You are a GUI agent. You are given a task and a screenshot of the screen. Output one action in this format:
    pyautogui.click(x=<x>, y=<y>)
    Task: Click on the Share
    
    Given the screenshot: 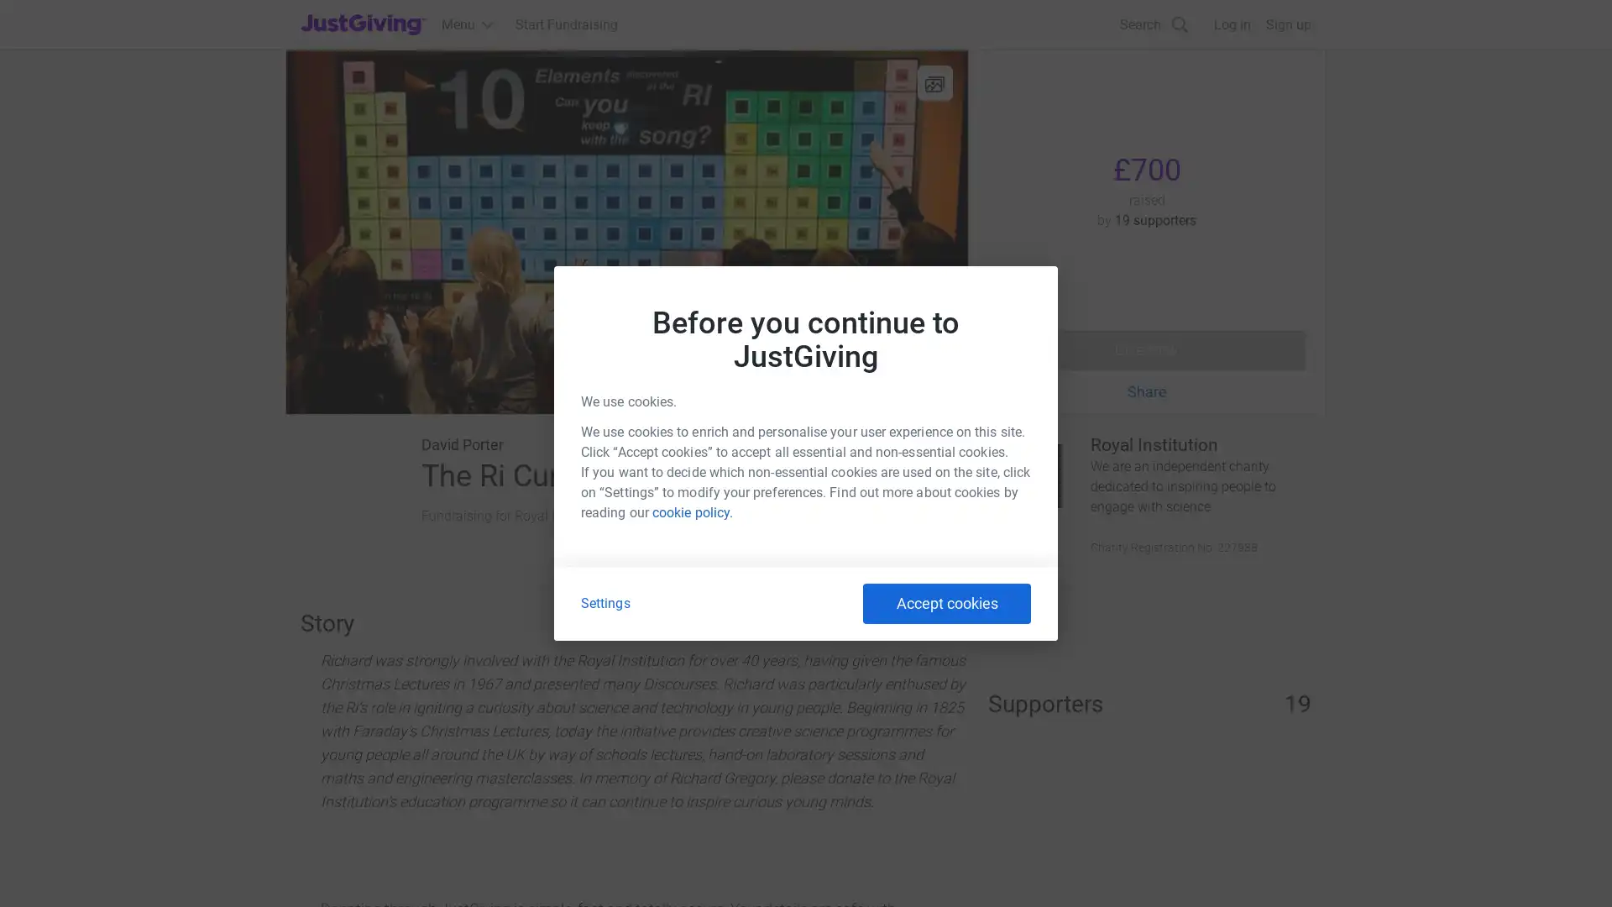 What is the action you would take?
    pyautogui.click(x=1146, y=391)
    